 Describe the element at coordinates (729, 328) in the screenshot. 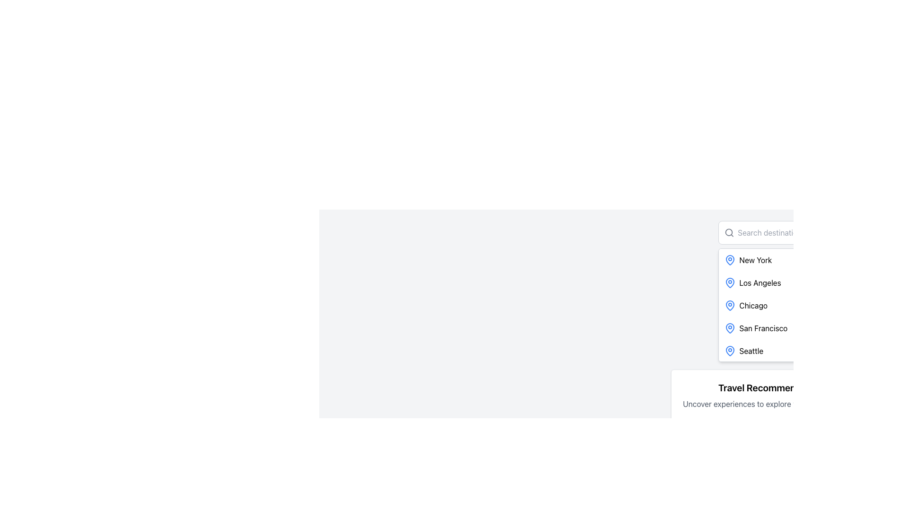

I see `the icon representing 'San Francisco' located at the leftmost side of the list item, aligned with the text of the label` at that location.